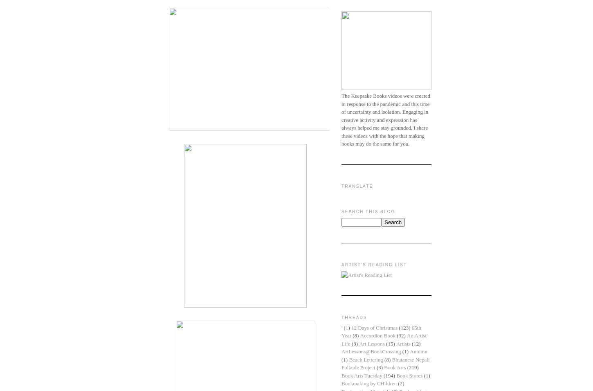 The width and height of the screenshot is (593, 391). I want to click on '(15)', so click(390, 343).